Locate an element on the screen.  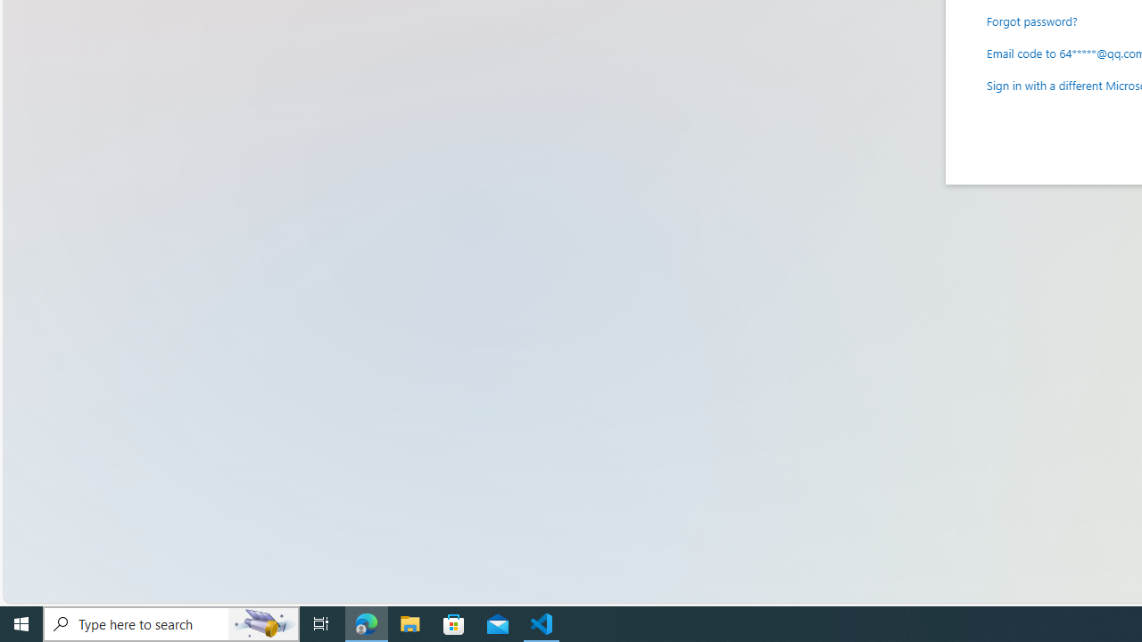
'Forgot password?' is located at coordinates (1032, 20).